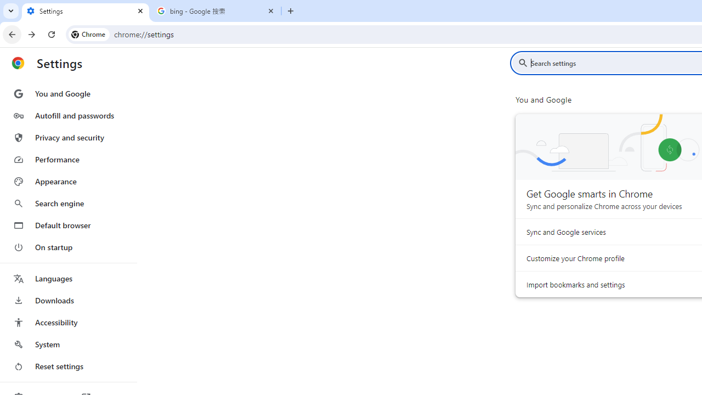  What do you see at coordinates (67, 181) in the screenshot?
I see `'Appearance'` at bounding box center [67, 181].